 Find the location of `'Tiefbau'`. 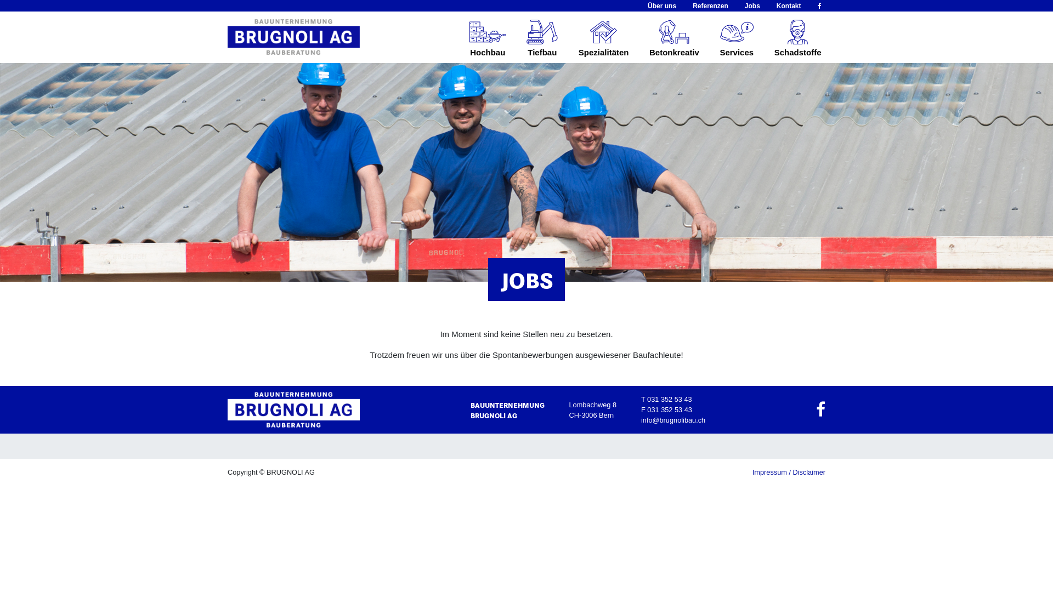

'Tiefbau' is located at coordinates (542, 37).